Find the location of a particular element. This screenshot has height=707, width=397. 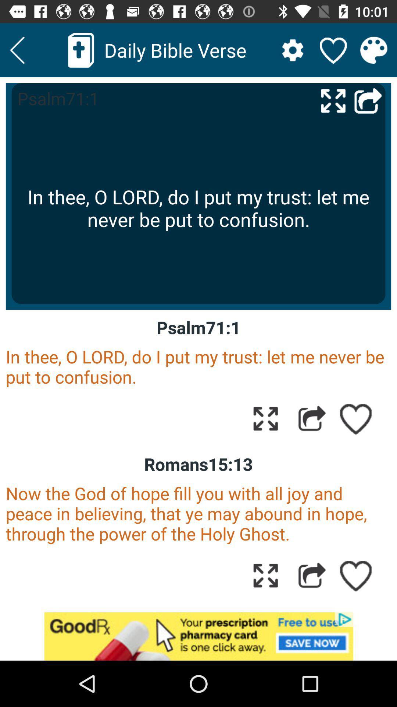

the emoji icon is located at coordinates (374, 50).